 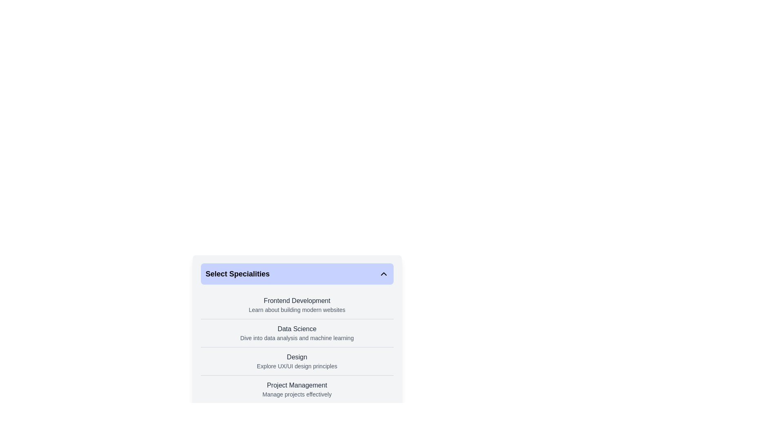 What do you see at coordinates (296, 333) in the screenshot?
I see `the 'Data Science' option in the selection menu` at bounding box center [296, 333].